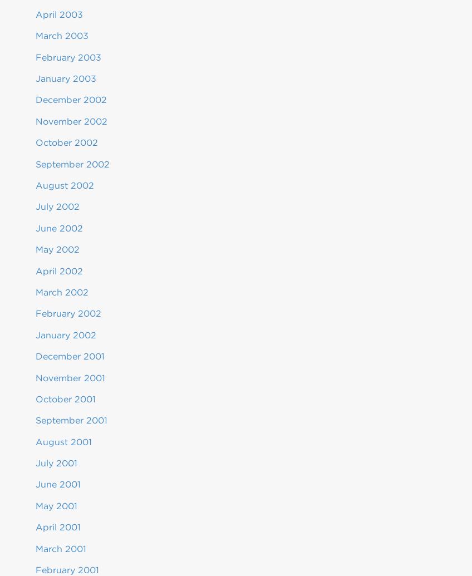 Image resolution: width=472 pixels, height=576 pixels. Describe the element at coordinates (60, 548) in the screenshot. I see `'March 2001'` at that location.